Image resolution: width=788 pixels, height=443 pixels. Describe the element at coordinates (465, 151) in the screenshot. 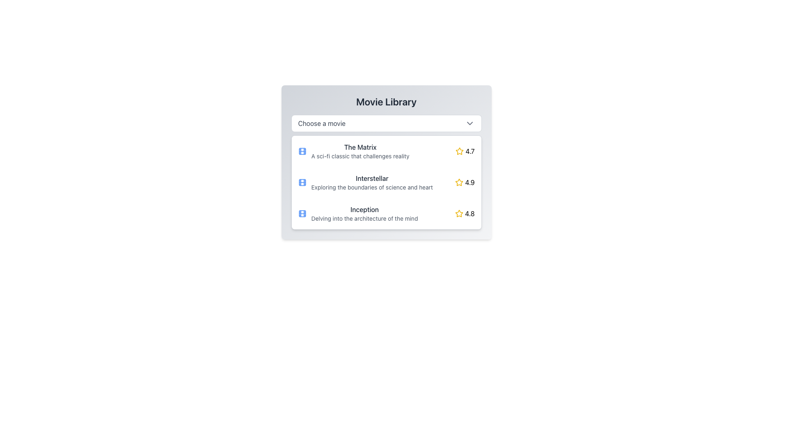

I see `the read-only Rating Display for the movie 'The Matrix', which visually conveys the rating value using a star icon and numerical score` at that location.